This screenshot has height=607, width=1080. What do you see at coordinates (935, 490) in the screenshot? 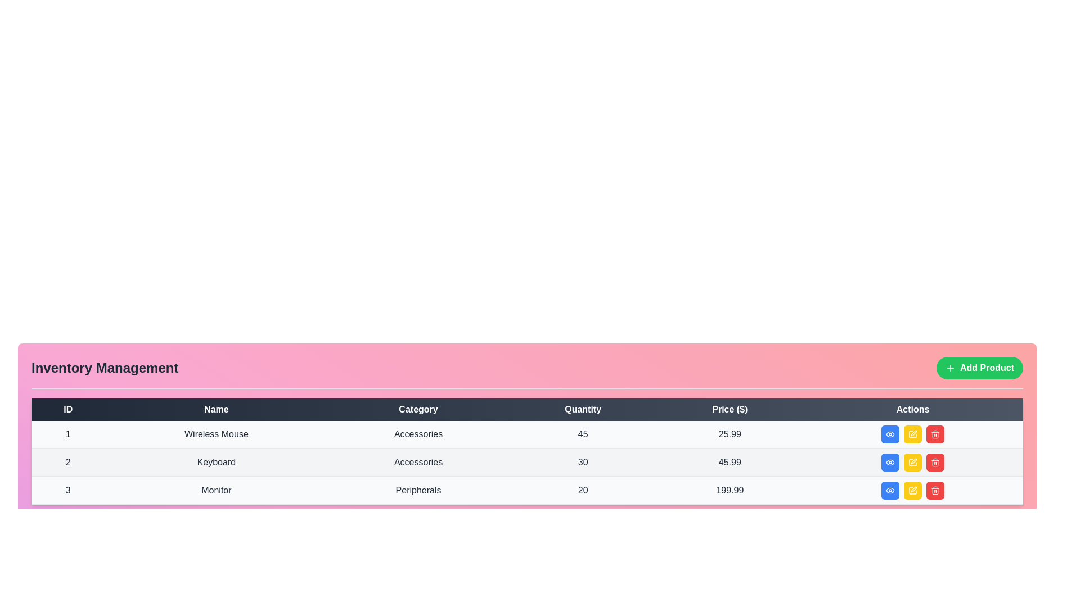
I see `the red button with a trash bin icon located in the 'Actions' column of the third row of the table to change its color` at bounding box center [935, 490].